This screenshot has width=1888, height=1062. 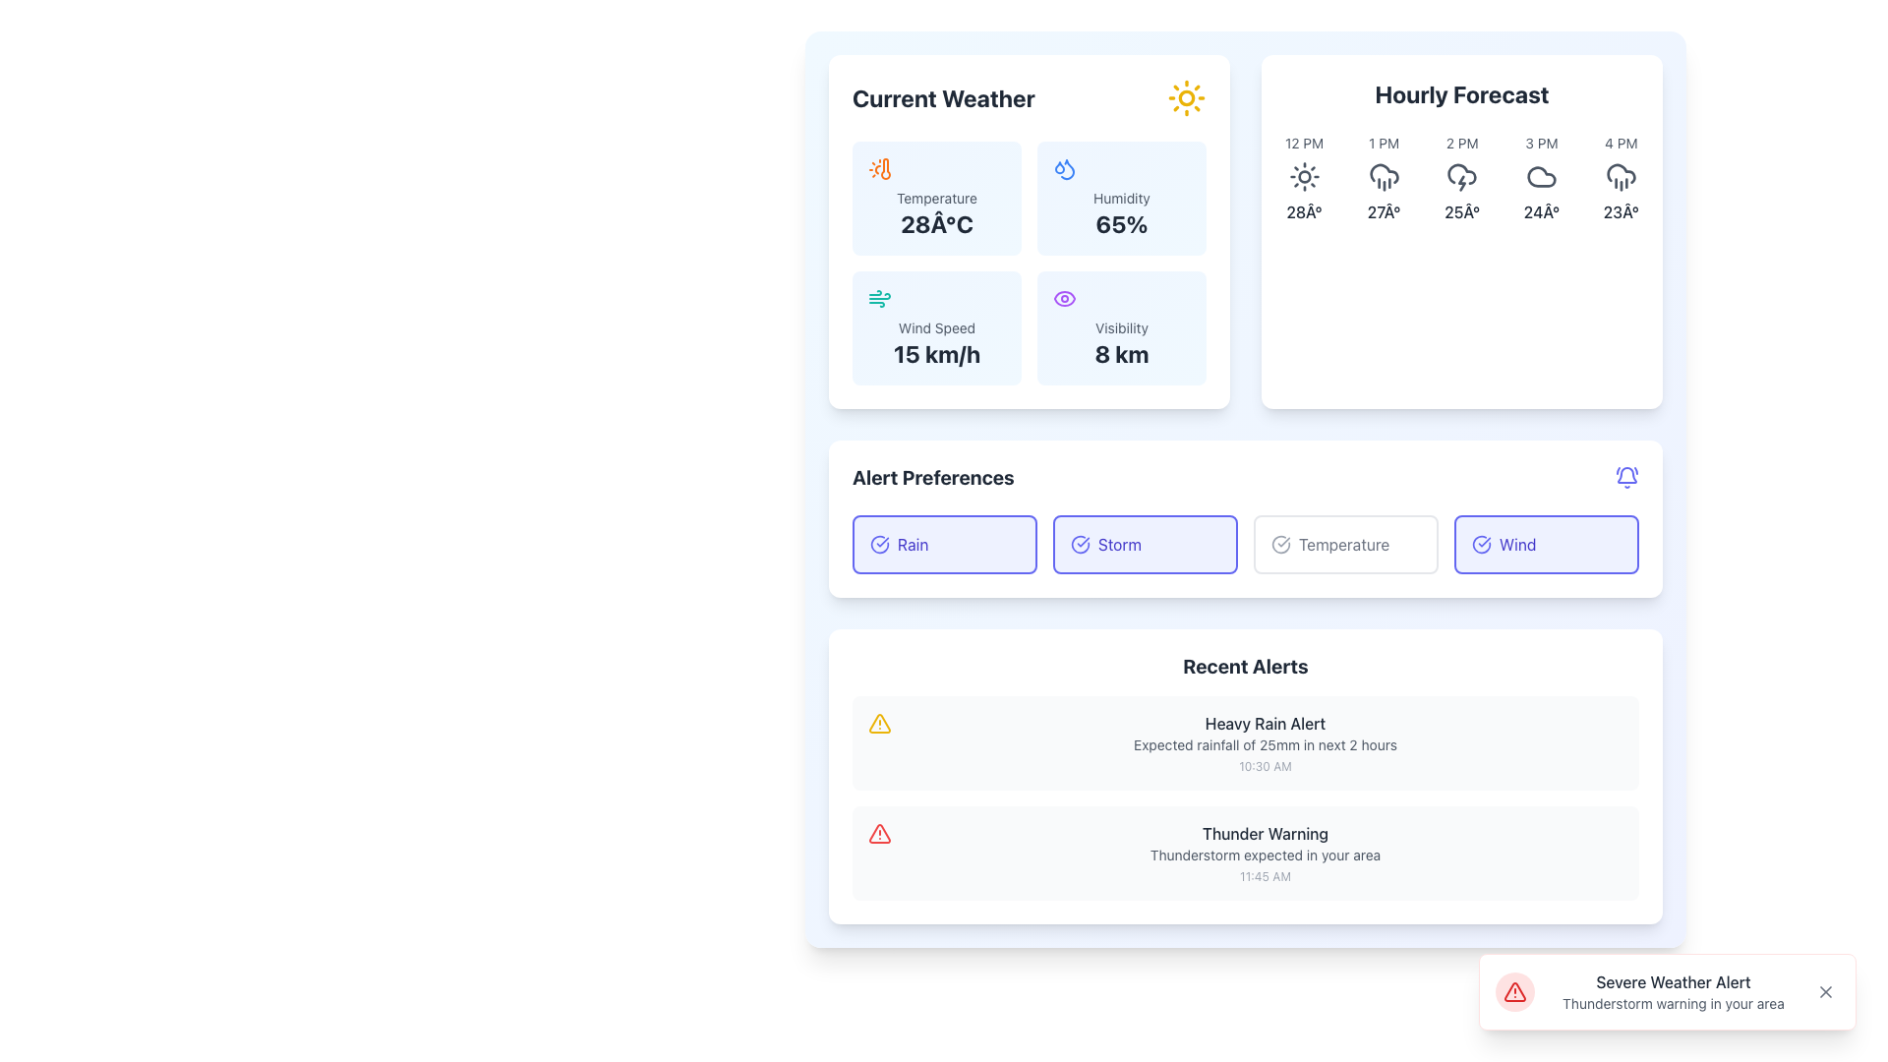 What do you see at coordinates (1344, 545) in the screenshot?
I see `the selectable button labeled for temperature-related notifications in the 'Alert Preferences' section` at bounding box center [1344, 545].